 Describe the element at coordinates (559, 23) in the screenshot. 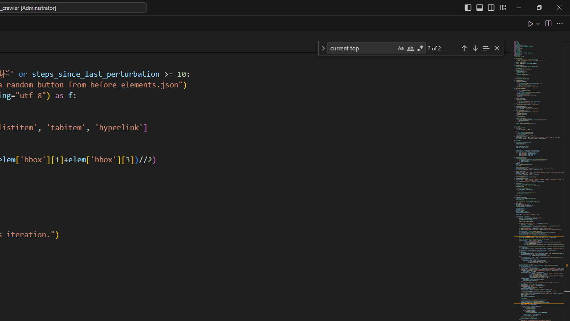

I see `'More Actions...'` at that location.